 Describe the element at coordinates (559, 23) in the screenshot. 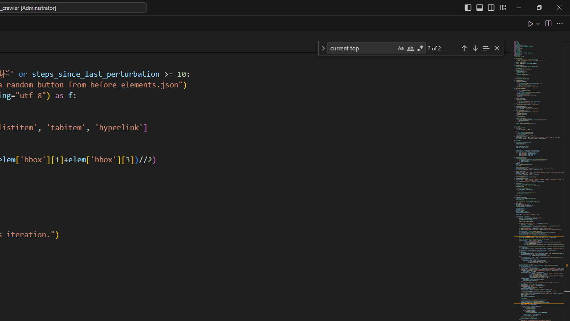

I see `'More Actions...'` at that location.